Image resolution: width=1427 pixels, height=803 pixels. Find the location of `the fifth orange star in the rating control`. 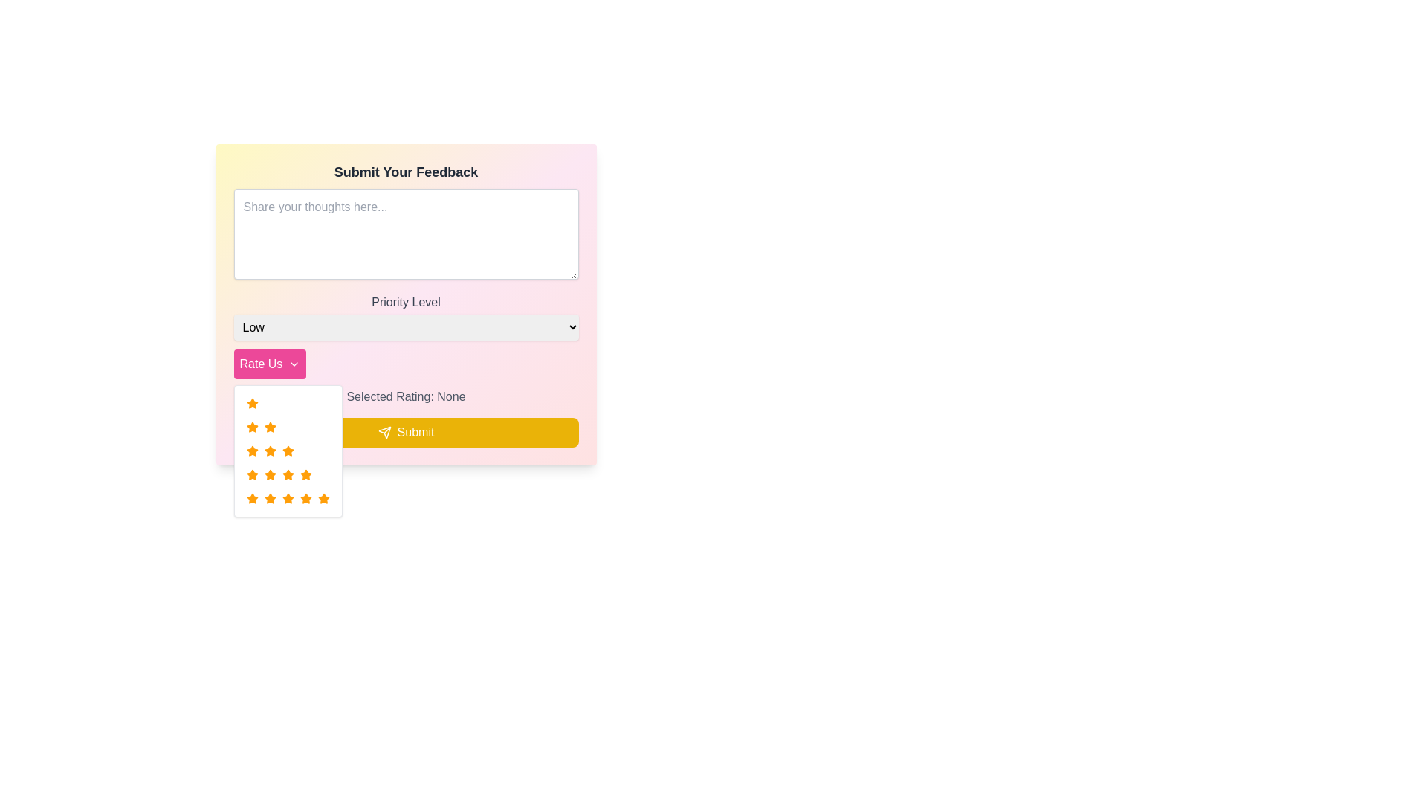

the fifth orange star in the rating control is located at coordinates (288, 499).